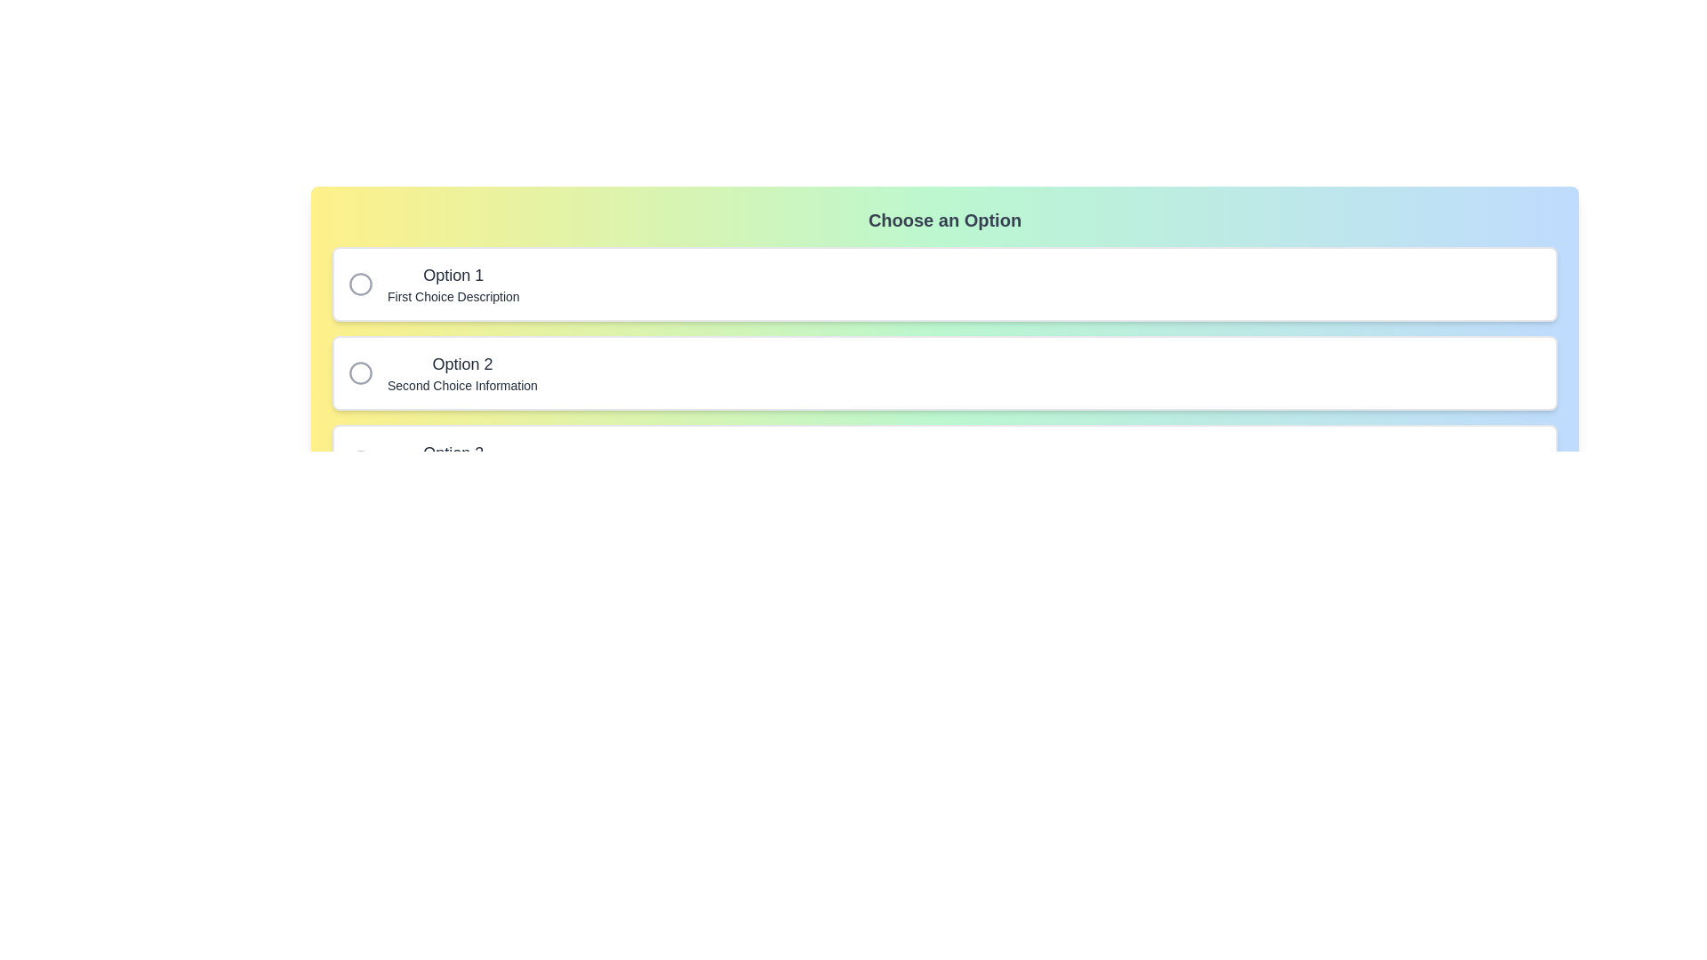  What do you see at coordinates (360, 284) in the screenshot?
I see `the grey circular radio button located to the left of the text 'Option 1' within the highlighted card` at bounding box center [360, 284].